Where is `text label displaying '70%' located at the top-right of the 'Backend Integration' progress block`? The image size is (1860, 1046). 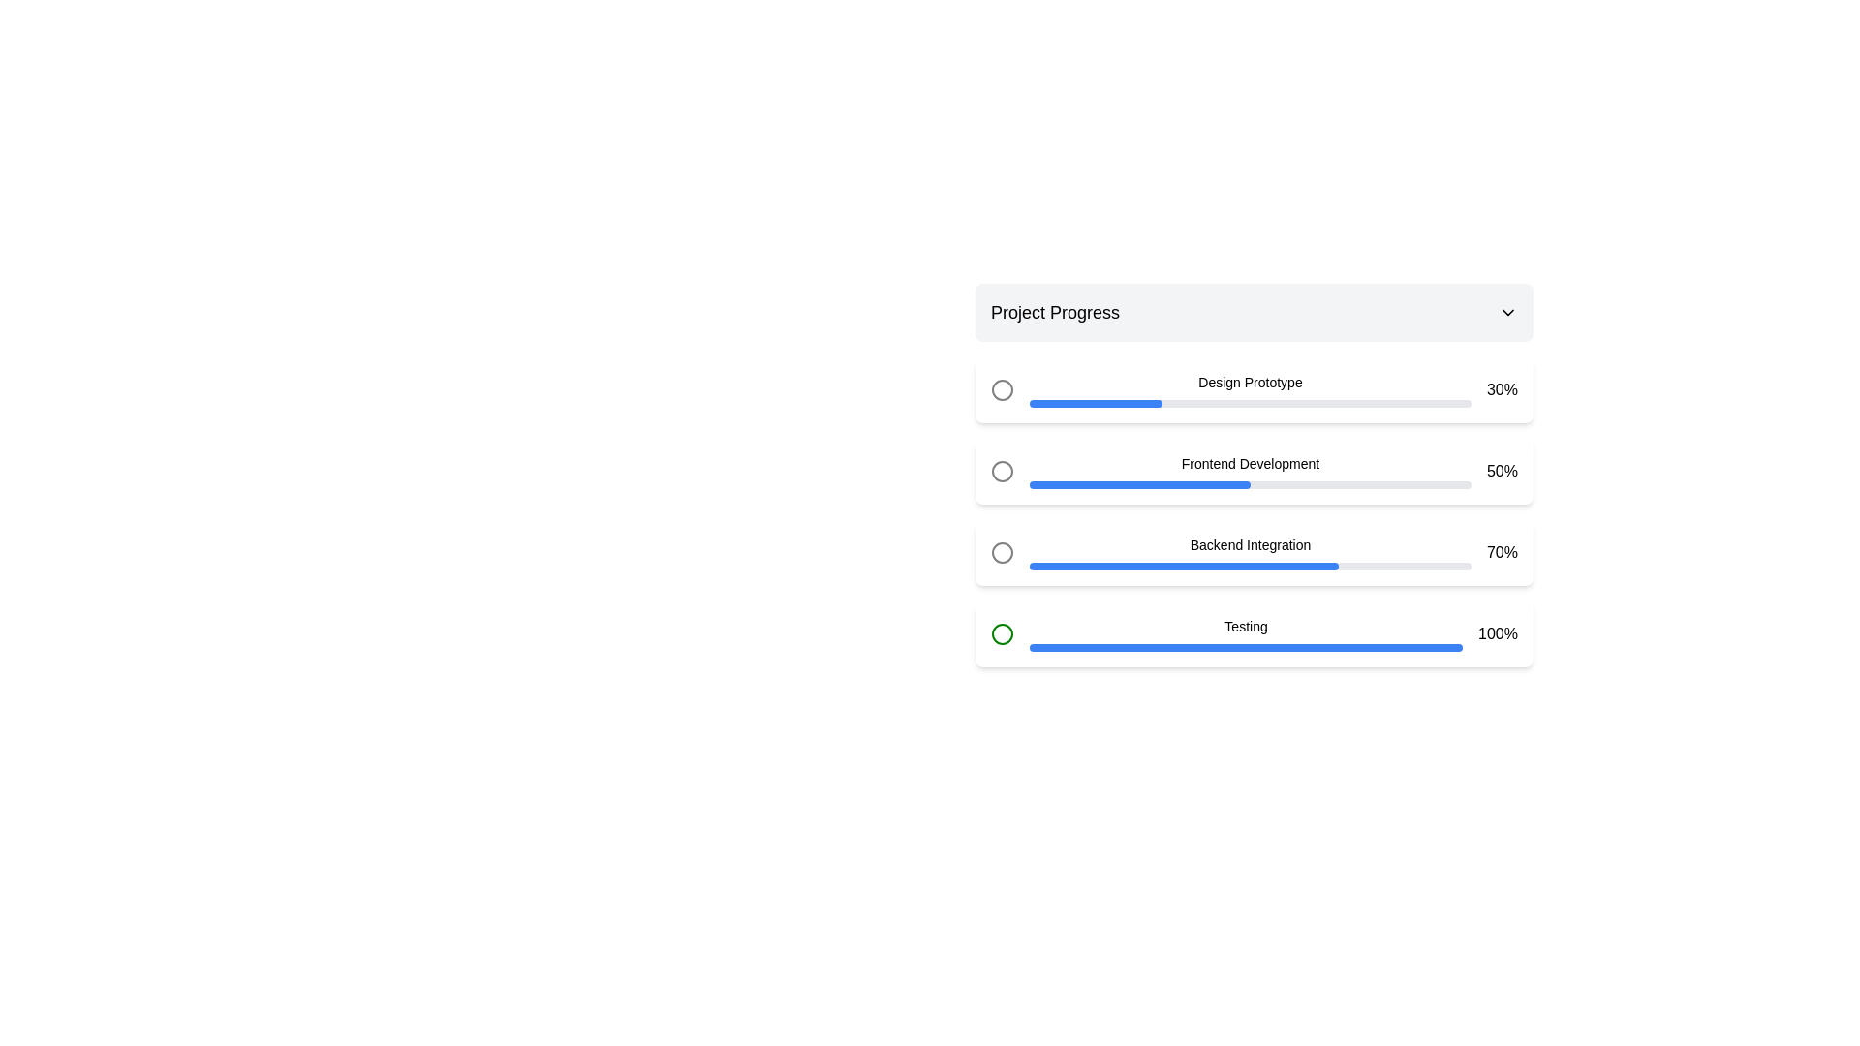 text label displaying '70%' located at the top-right of the 'Backend Integration' progress block is located at coordinates (1501, 552).